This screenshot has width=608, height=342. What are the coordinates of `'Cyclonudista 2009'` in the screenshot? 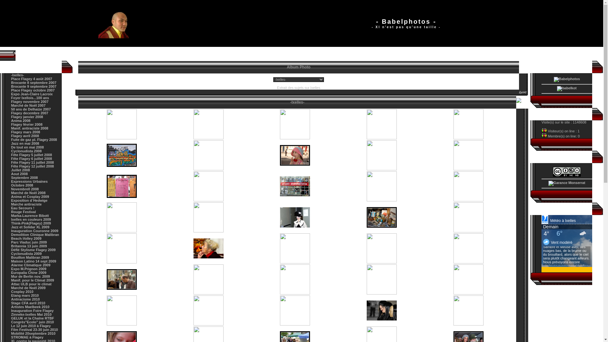 It's located at (26, 253).